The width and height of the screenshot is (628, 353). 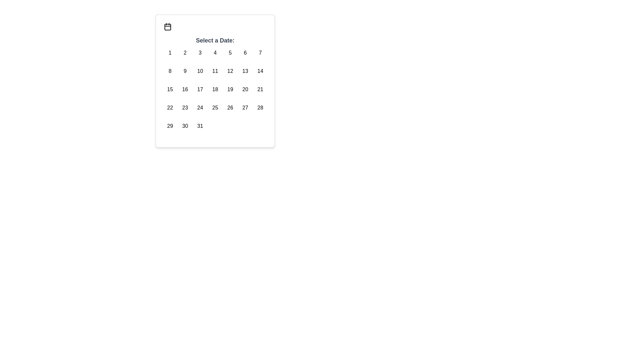 I want to click on the calendar button representing the date '19' in the third row and fifth column, so click(x=230, y=89).